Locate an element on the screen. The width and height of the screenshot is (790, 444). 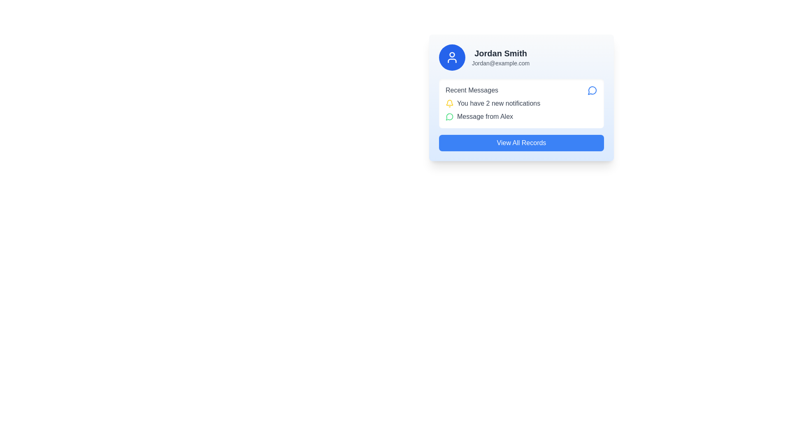
the textual label that says 'Message from Alex' is located at coordinates (521, 117).